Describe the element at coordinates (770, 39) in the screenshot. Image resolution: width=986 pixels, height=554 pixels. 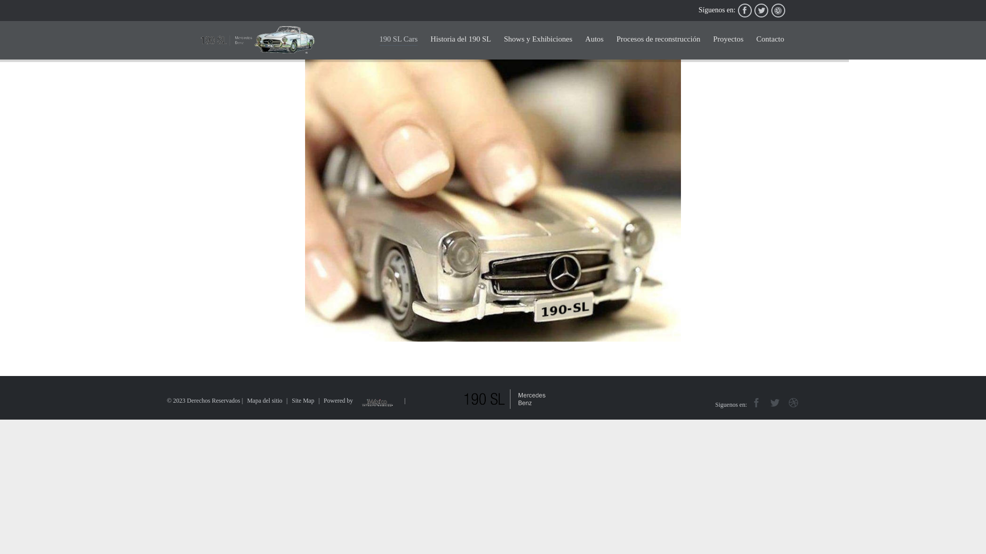
I see `'Contacto'` at that location.